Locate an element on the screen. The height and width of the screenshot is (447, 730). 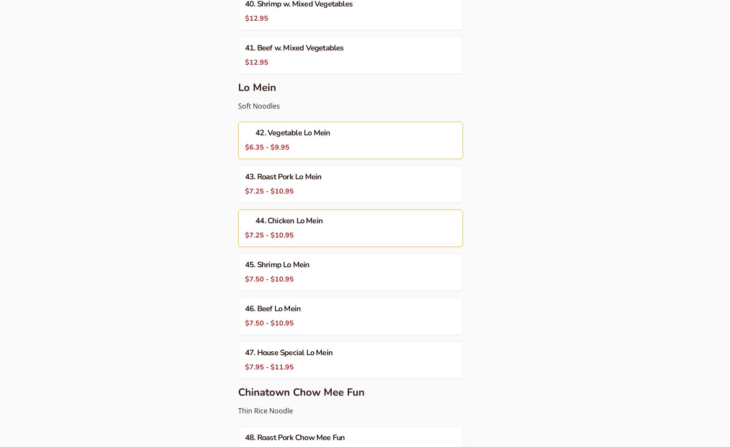
'Thin Rice Noodle' is located at coordinates (265, 411).